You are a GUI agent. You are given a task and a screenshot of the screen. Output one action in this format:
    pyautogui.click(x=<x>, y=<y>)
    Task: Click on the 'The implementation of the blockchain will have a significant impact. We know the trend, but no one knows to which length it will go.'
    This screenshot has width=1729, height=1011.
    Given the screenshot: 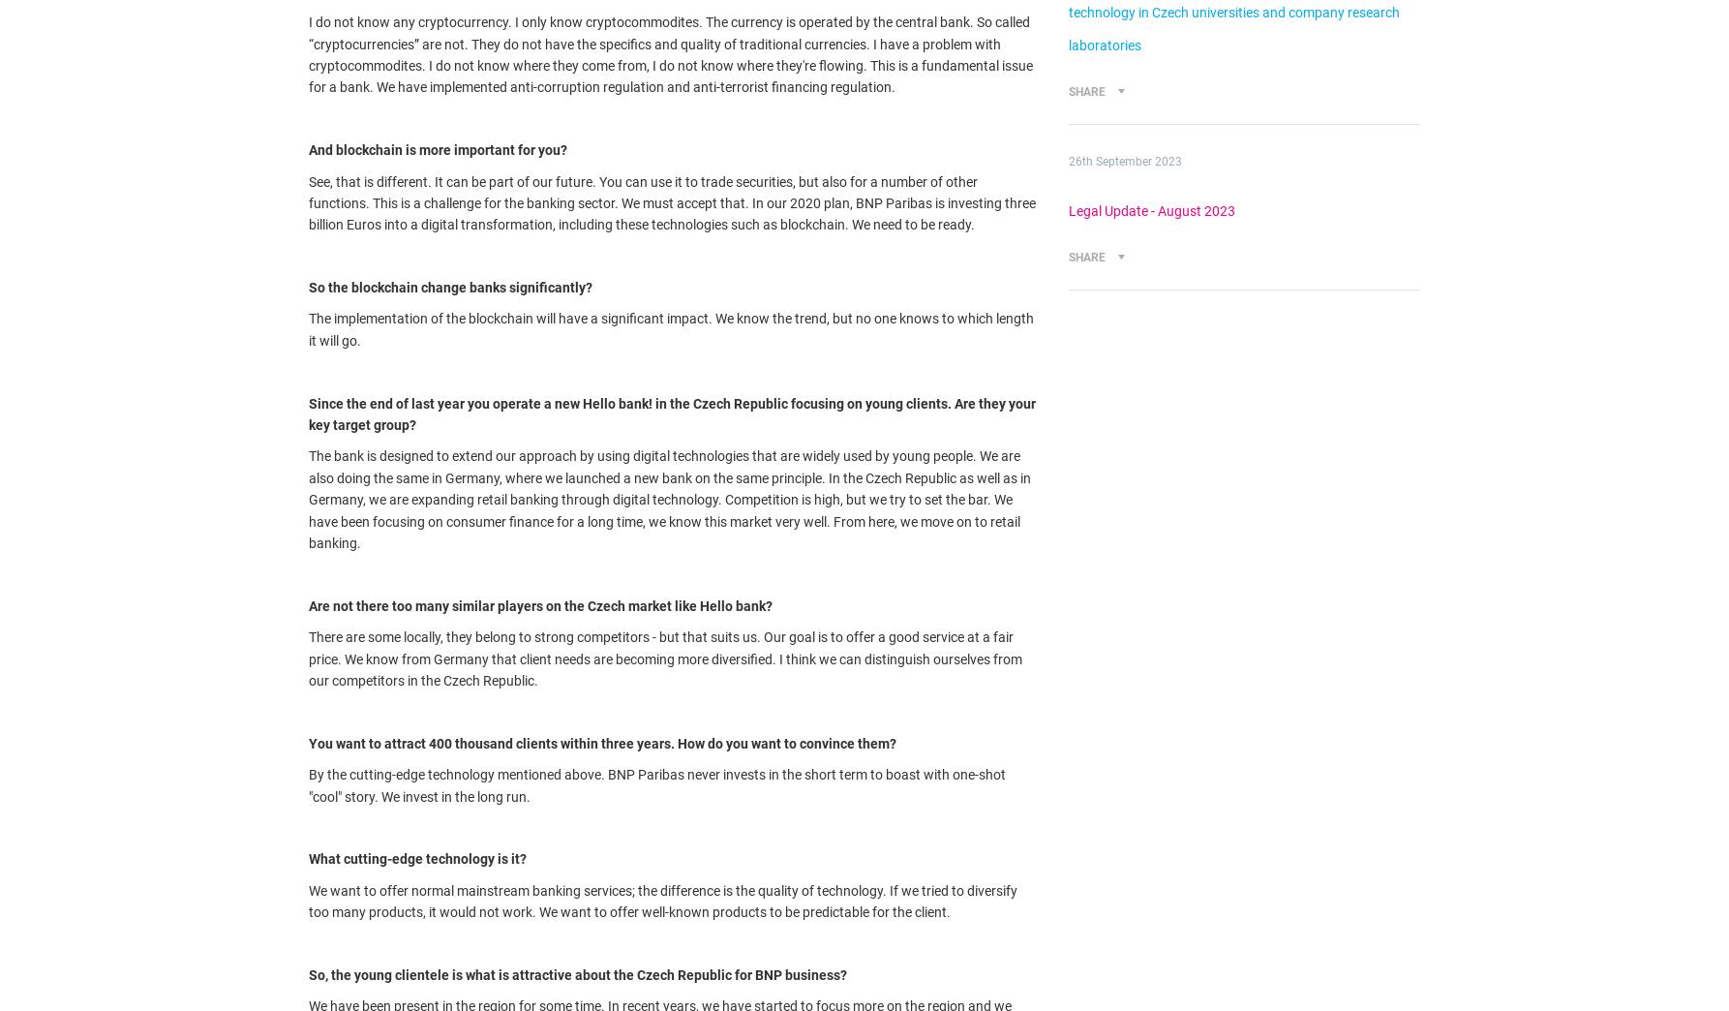 What is the action you would take?
    pyautogui.click(x=671, y=329)
    